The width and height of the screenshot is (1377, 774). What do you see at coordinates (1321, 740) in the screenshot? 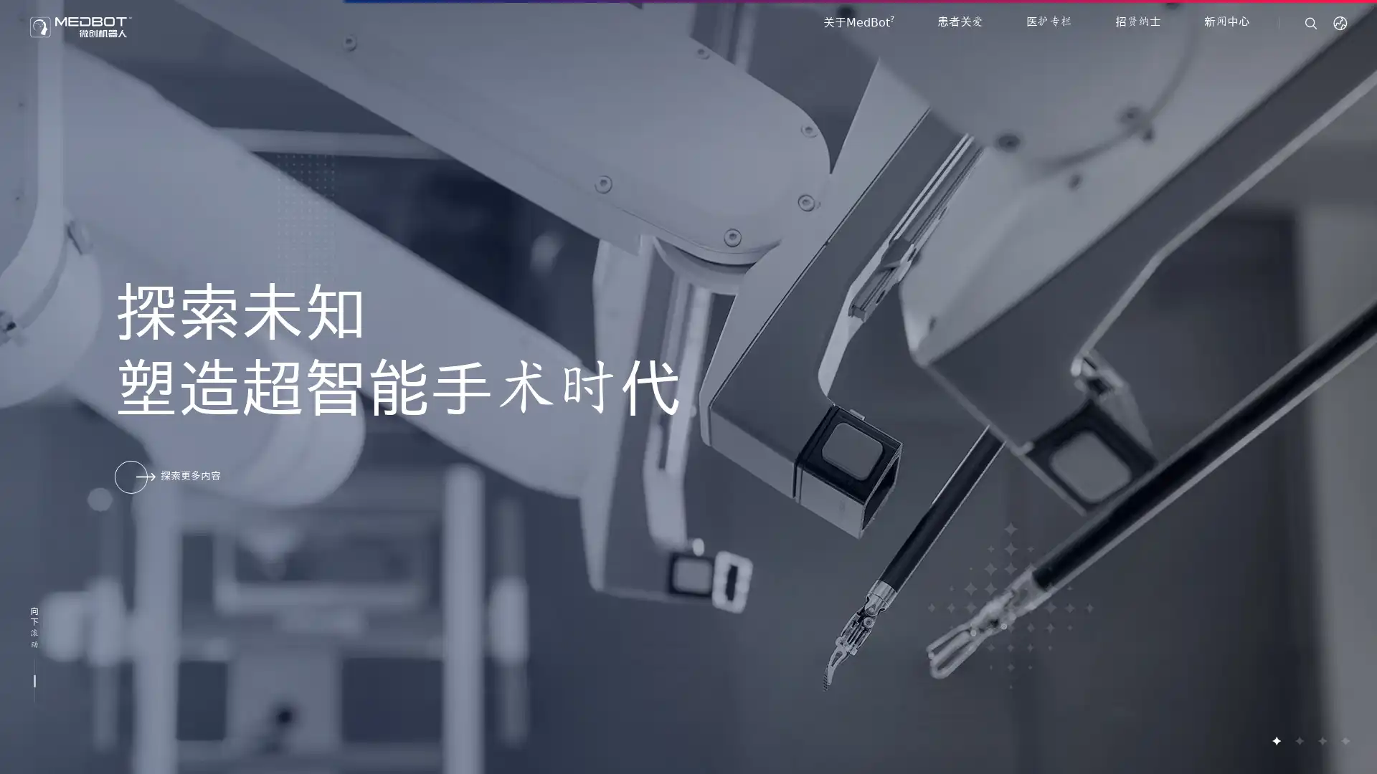
I see `Go to slide 3` at bounding box center [1321, 740].